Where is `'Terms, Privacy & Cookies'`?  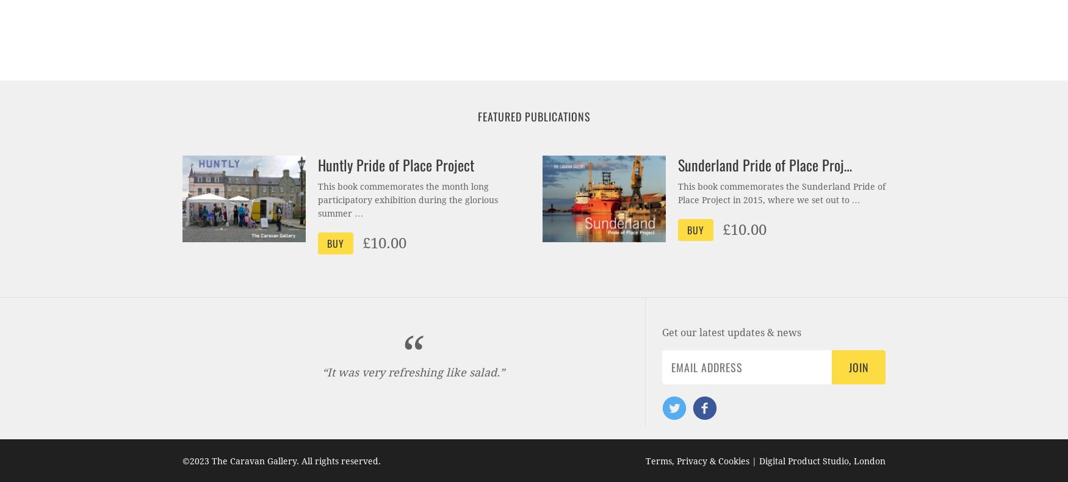 'Terms, Privacy & Cookies' is located at coordinates (696, 461).